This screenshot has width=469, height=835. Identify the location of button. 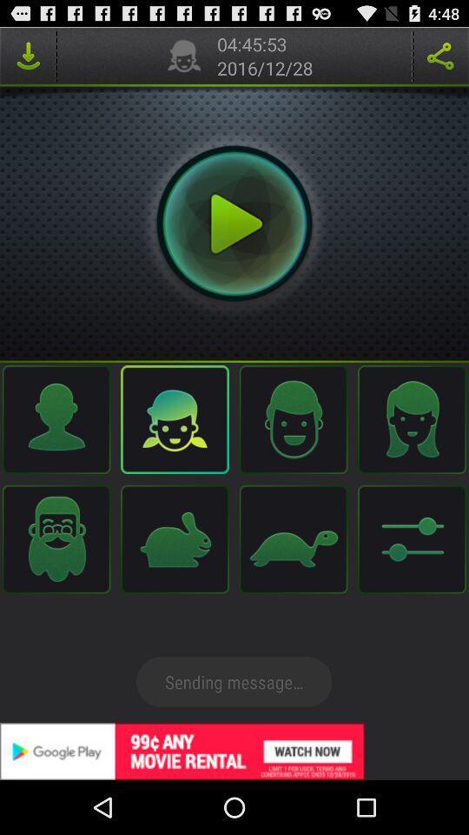
(234, 223).